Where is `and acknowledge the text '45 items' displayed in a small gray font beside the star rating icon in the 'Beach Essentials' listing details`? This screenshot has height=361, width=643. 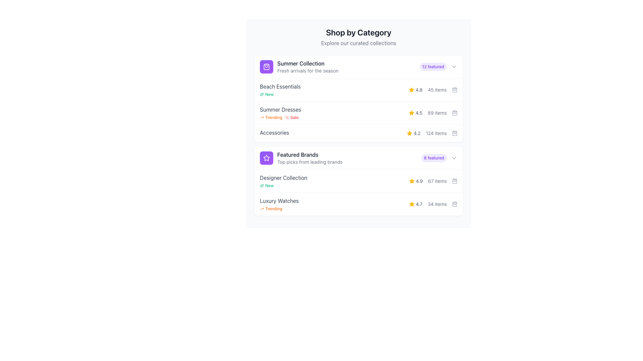
and acknowledge the text '45 items' displayed in a small gray font beside the star rating icon in the 'Beach Essentials' listing details is located at coordinates (437, 90).